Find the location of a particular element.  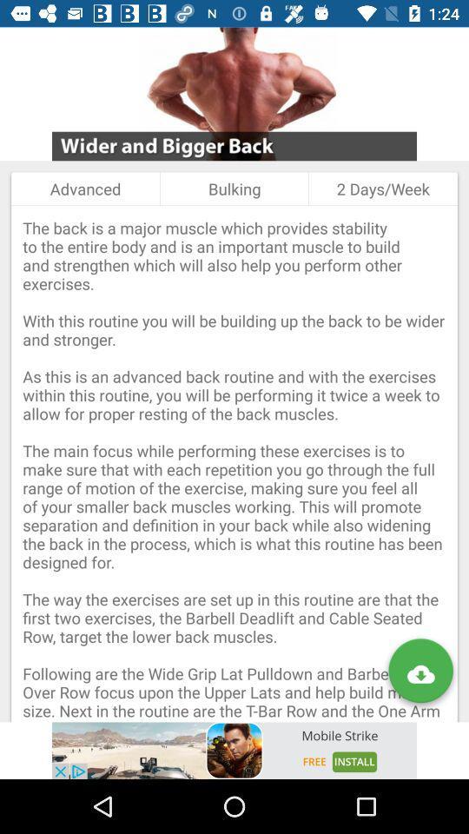

visit advertiser is located at coordinates (234, 750).